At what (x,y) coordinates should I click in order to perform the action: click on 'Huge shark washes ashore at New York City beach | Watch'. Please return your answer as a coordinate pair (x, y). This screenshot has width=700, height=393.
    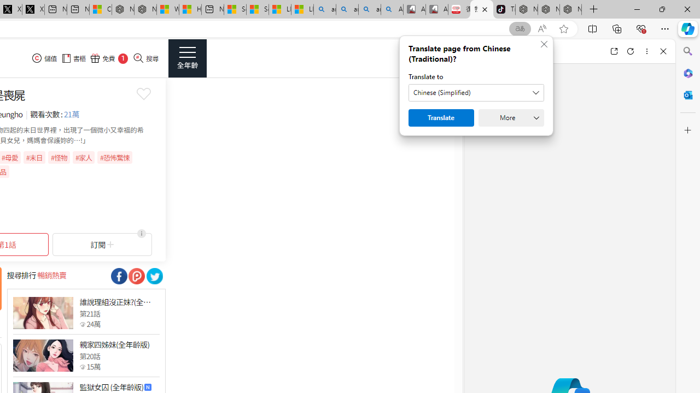
    Looking at the image, I should click on (190, 9).